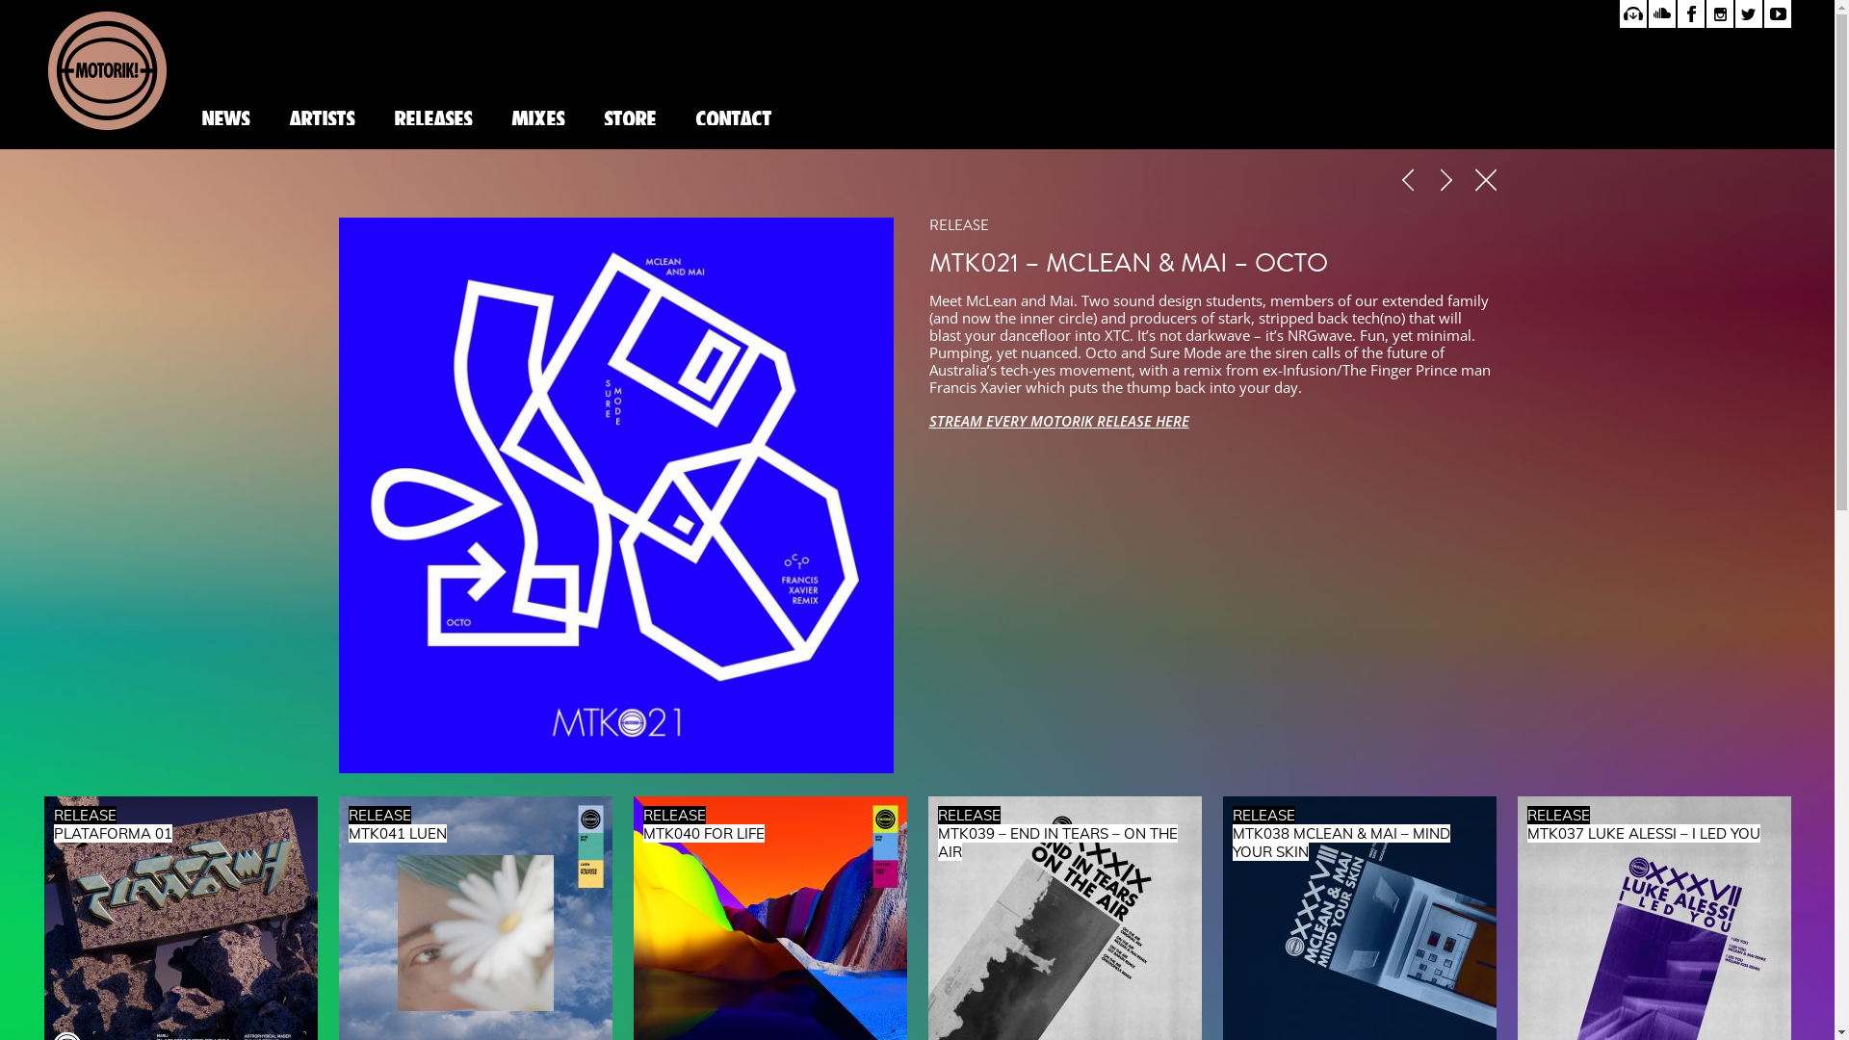 The image size is (1849, 1040). I want to click on 'instagram', so click(1706, 13).